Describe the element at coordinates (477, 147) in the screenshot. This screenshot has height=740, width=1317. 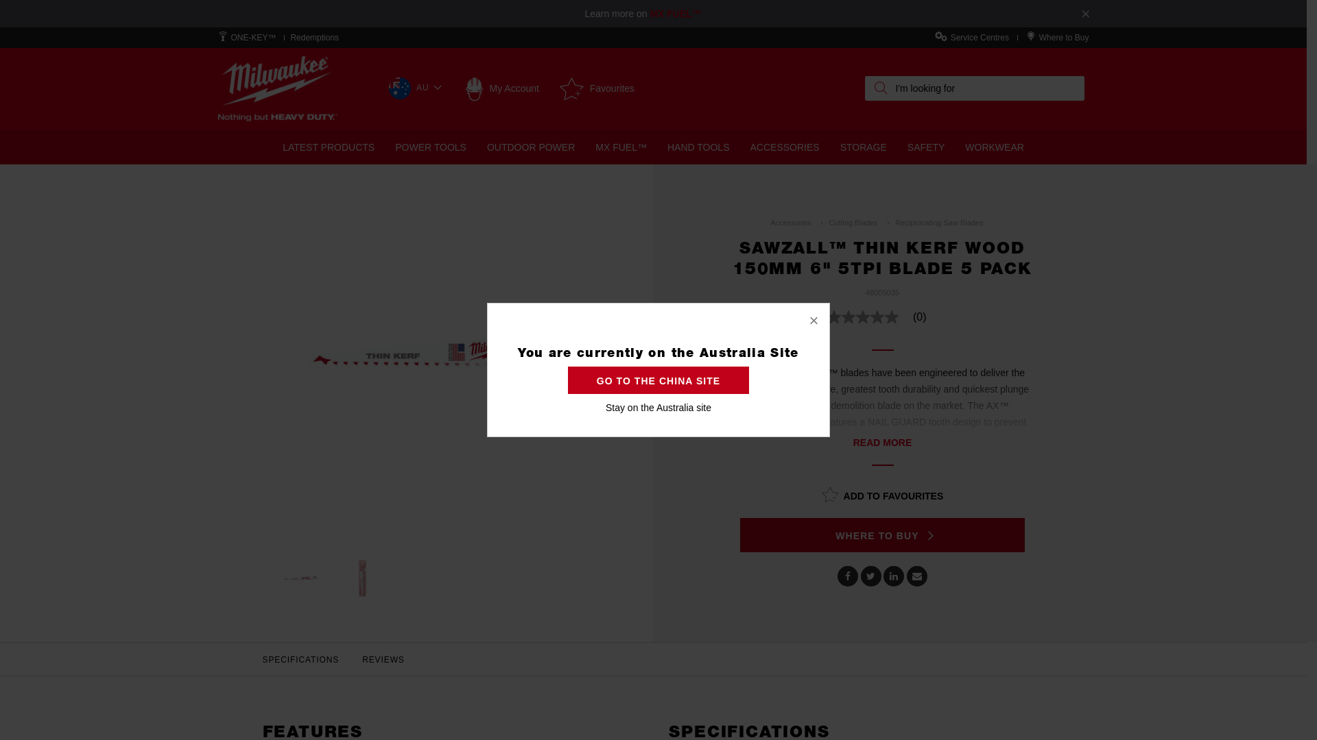
I see `'OUTDOOR POWER'` at that location.